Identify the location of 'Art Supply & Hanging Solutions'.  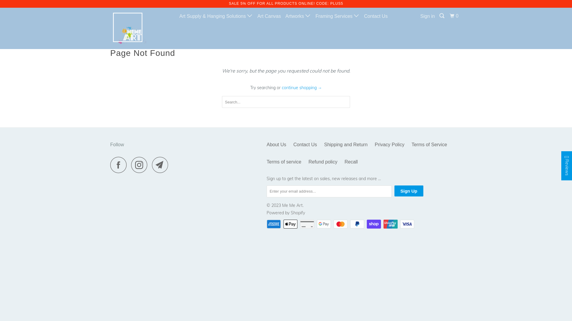
(216, 16).